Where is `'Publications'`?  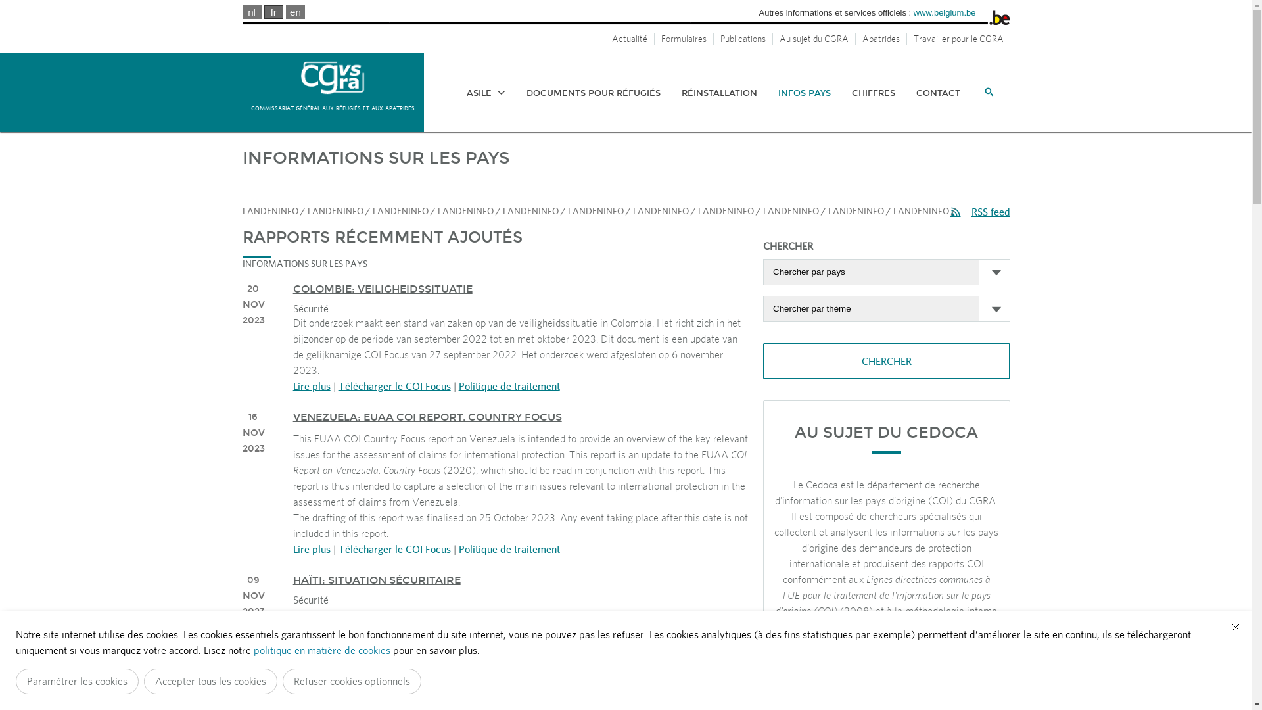
'Publications' is located at coordinates (743, 37).